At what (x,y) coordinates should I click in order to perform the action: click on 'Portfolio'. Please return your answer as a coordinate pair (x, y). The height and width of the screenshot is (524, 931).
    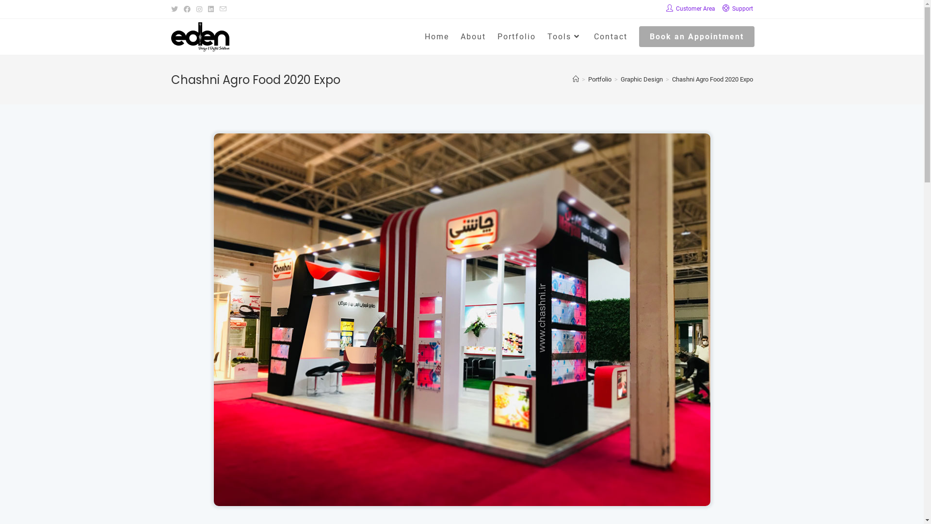
    Looking at the image, I should click on (599, 79).